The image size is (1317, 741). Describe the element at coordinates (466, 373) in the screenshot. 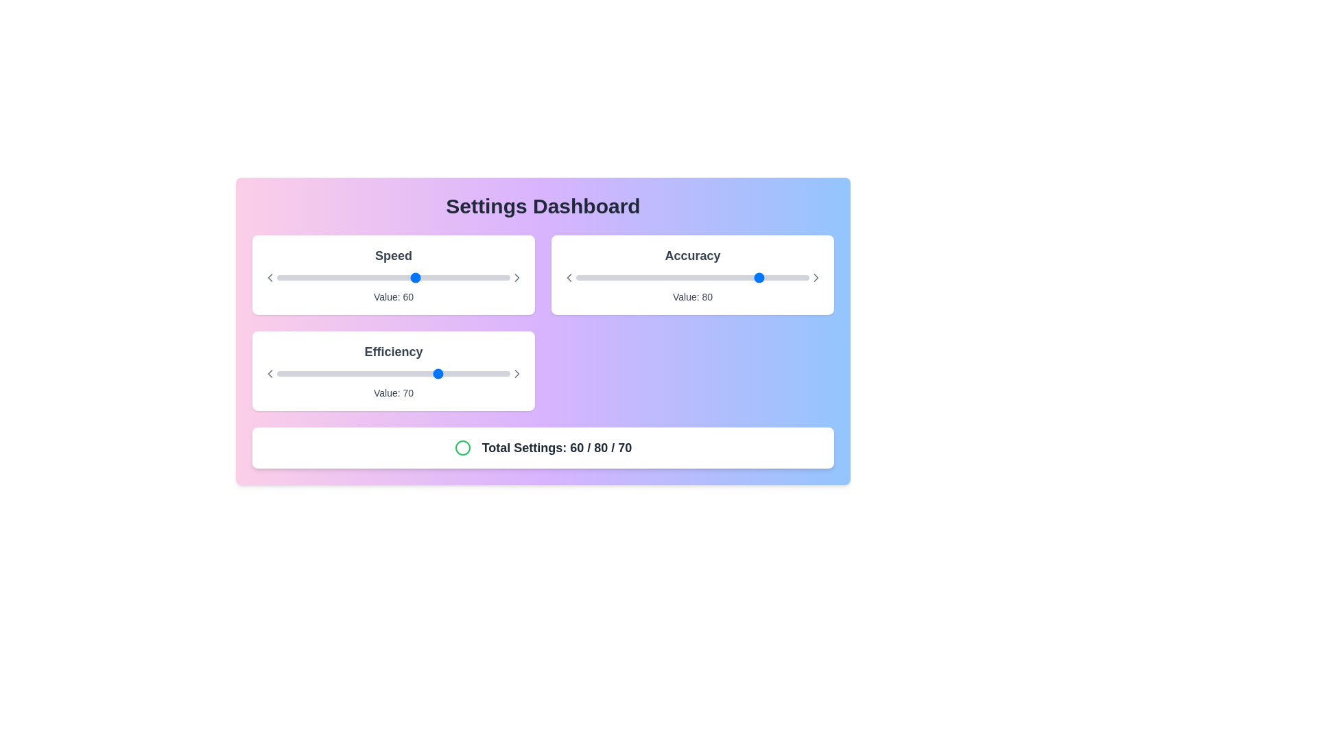

I see `efficiency` at that location.